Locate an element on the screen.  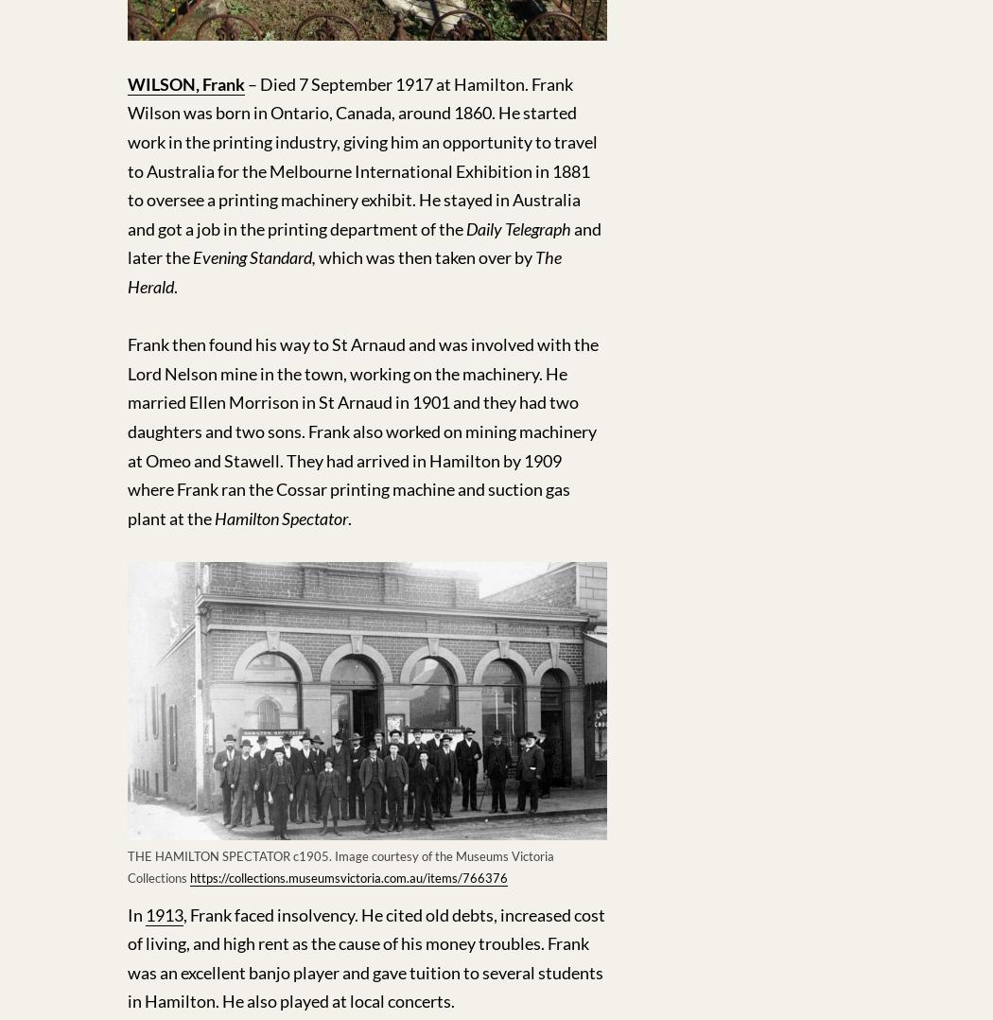
'– Died 7 September 1917 at Hamilton. Frank Wilson was born in Ontario, Canada, around 1860. He started work in the printing industry, giving him an opportunity to travel to Australia for the Melbourne International Exhibition in 1881 to oversee a printing machinery exhibit. He stayed in Australia and got a job in the printing department of the' is located at coordinates (127, 154).